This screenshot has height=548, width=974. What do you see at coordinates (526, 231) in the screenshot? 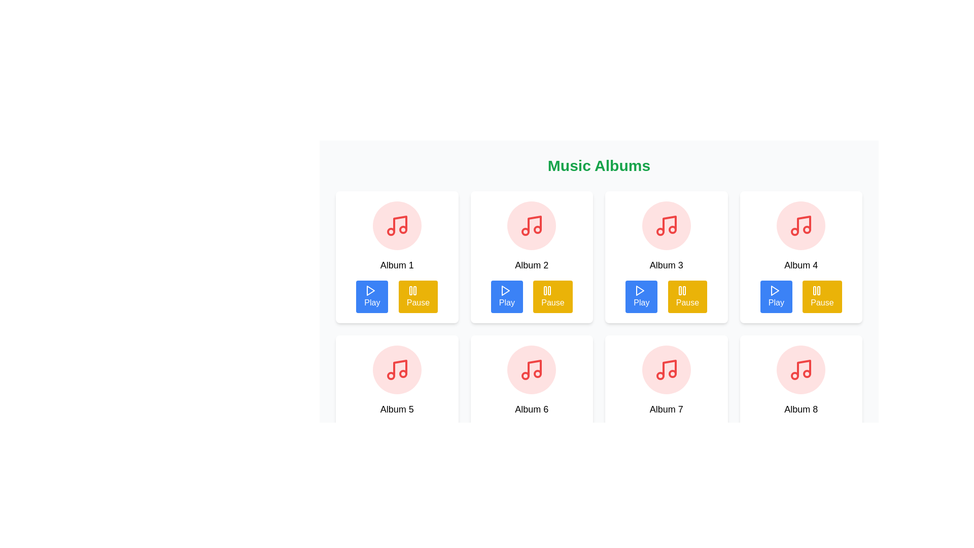
I see `the second circle of the SVG musical note icon, which enhances its visual appearance` at bounding box center [526, 231].